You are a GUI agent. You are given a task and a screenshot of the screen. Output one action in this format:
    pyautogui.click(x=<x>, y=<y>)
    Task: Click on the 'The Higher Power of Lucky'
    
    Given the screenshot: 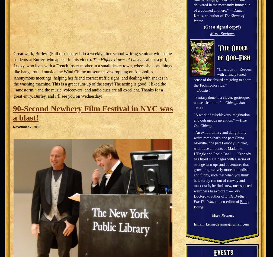 What is the action you would take?
    pyautogui.click(x=117, y=59)
    